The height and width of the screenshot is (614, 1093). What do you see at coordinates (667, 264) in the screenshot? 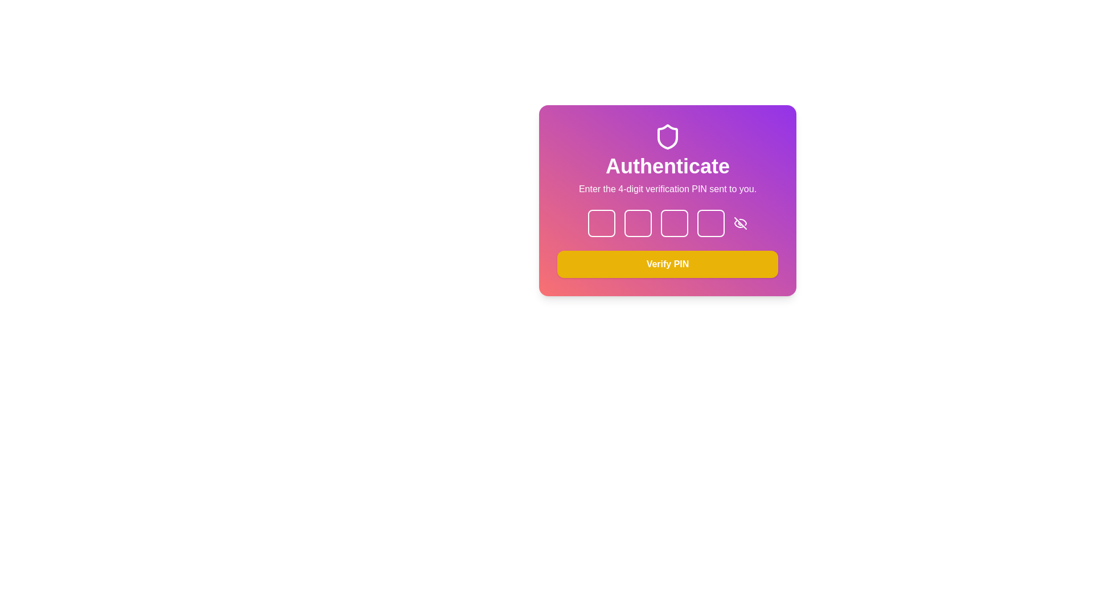
I see `the button with a yellow background, rounded corners, and bold white text reading 'Verify PIN'` at bounding box center [667, 264].